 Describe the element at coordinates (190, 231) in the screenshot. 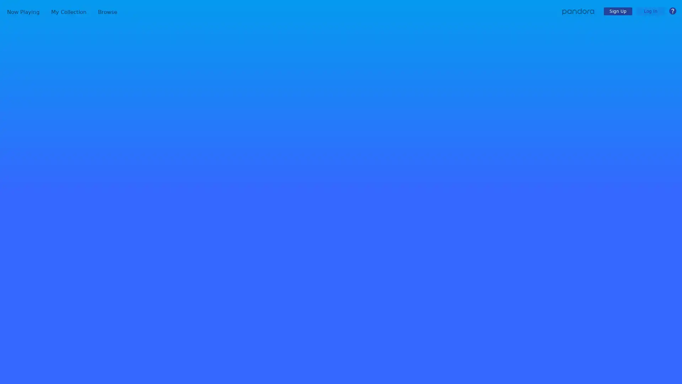

I see `Share` at that location.